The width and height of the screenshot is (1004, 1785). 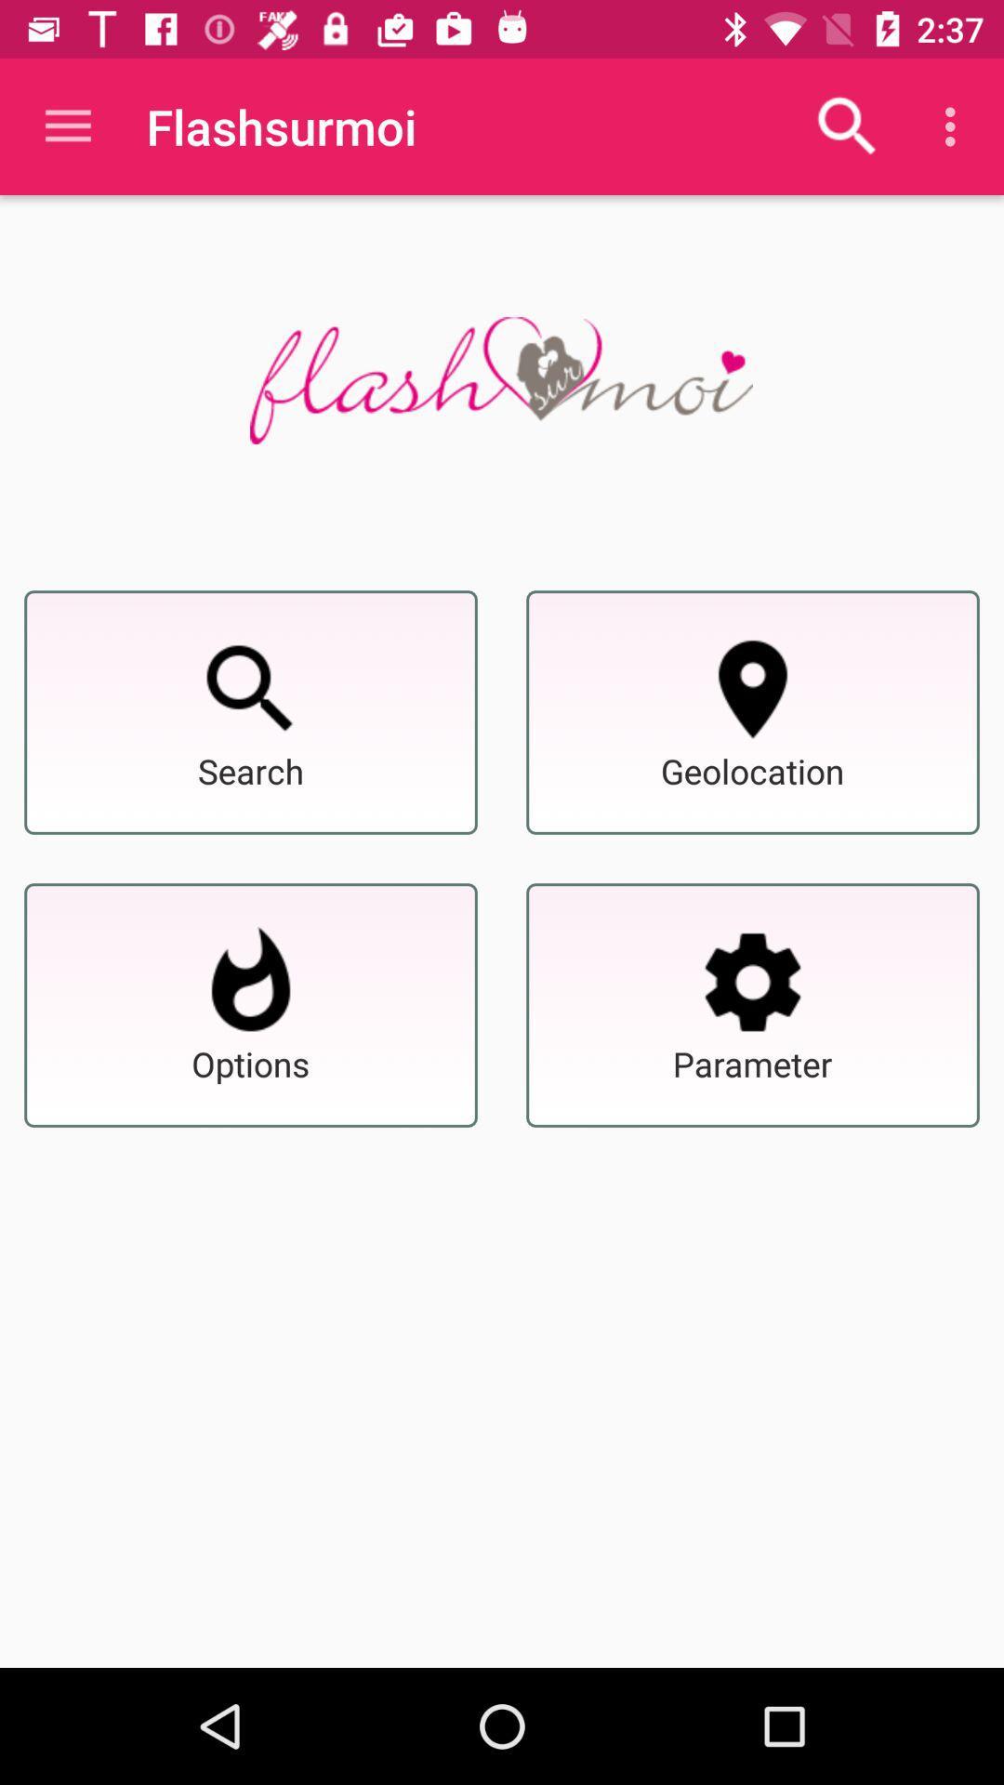 What do you see at coordinates (753, 688) in the screenshot?
I see `find location` at bounding box center [753, 688].